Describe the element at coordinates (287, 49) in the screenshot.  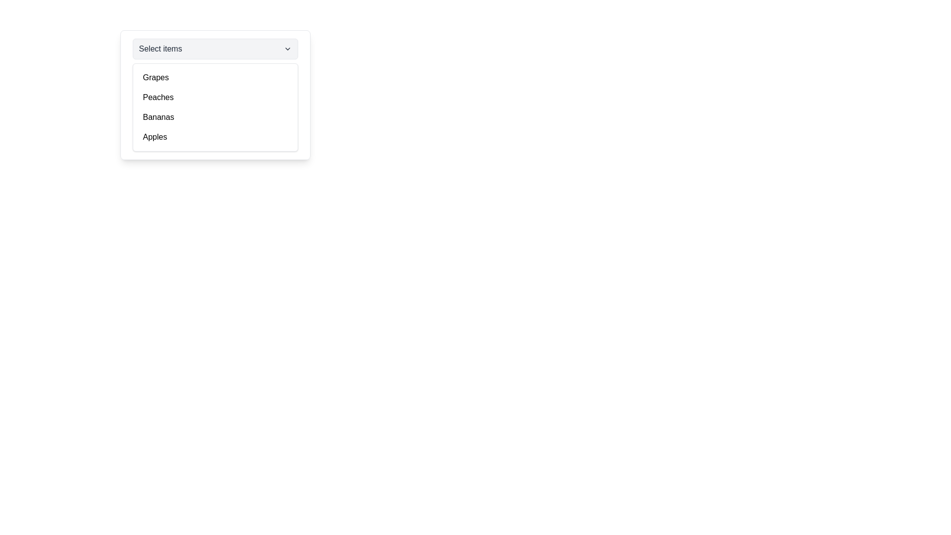
I see `the Dropdown indicator icon (chevron) located on the far right side of the header section of the dropdown menu, adjacent to the 'Select items' text` at that location.